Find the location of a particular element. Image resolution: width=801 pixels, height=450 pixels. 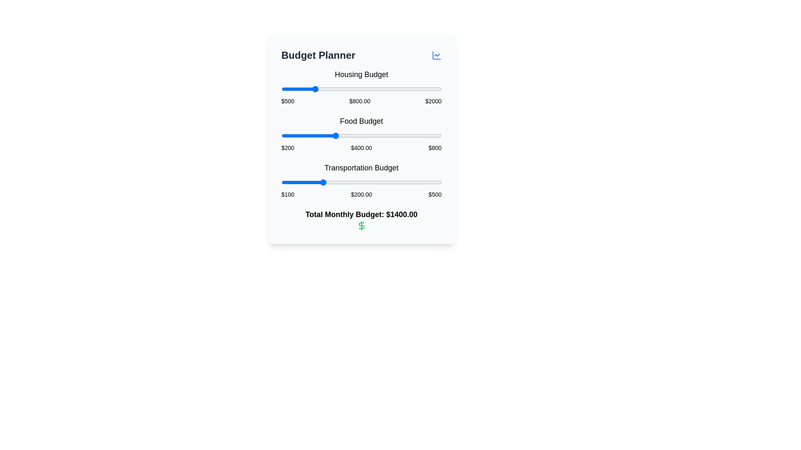

the housing budget slider is located at coordinates (357, 89).